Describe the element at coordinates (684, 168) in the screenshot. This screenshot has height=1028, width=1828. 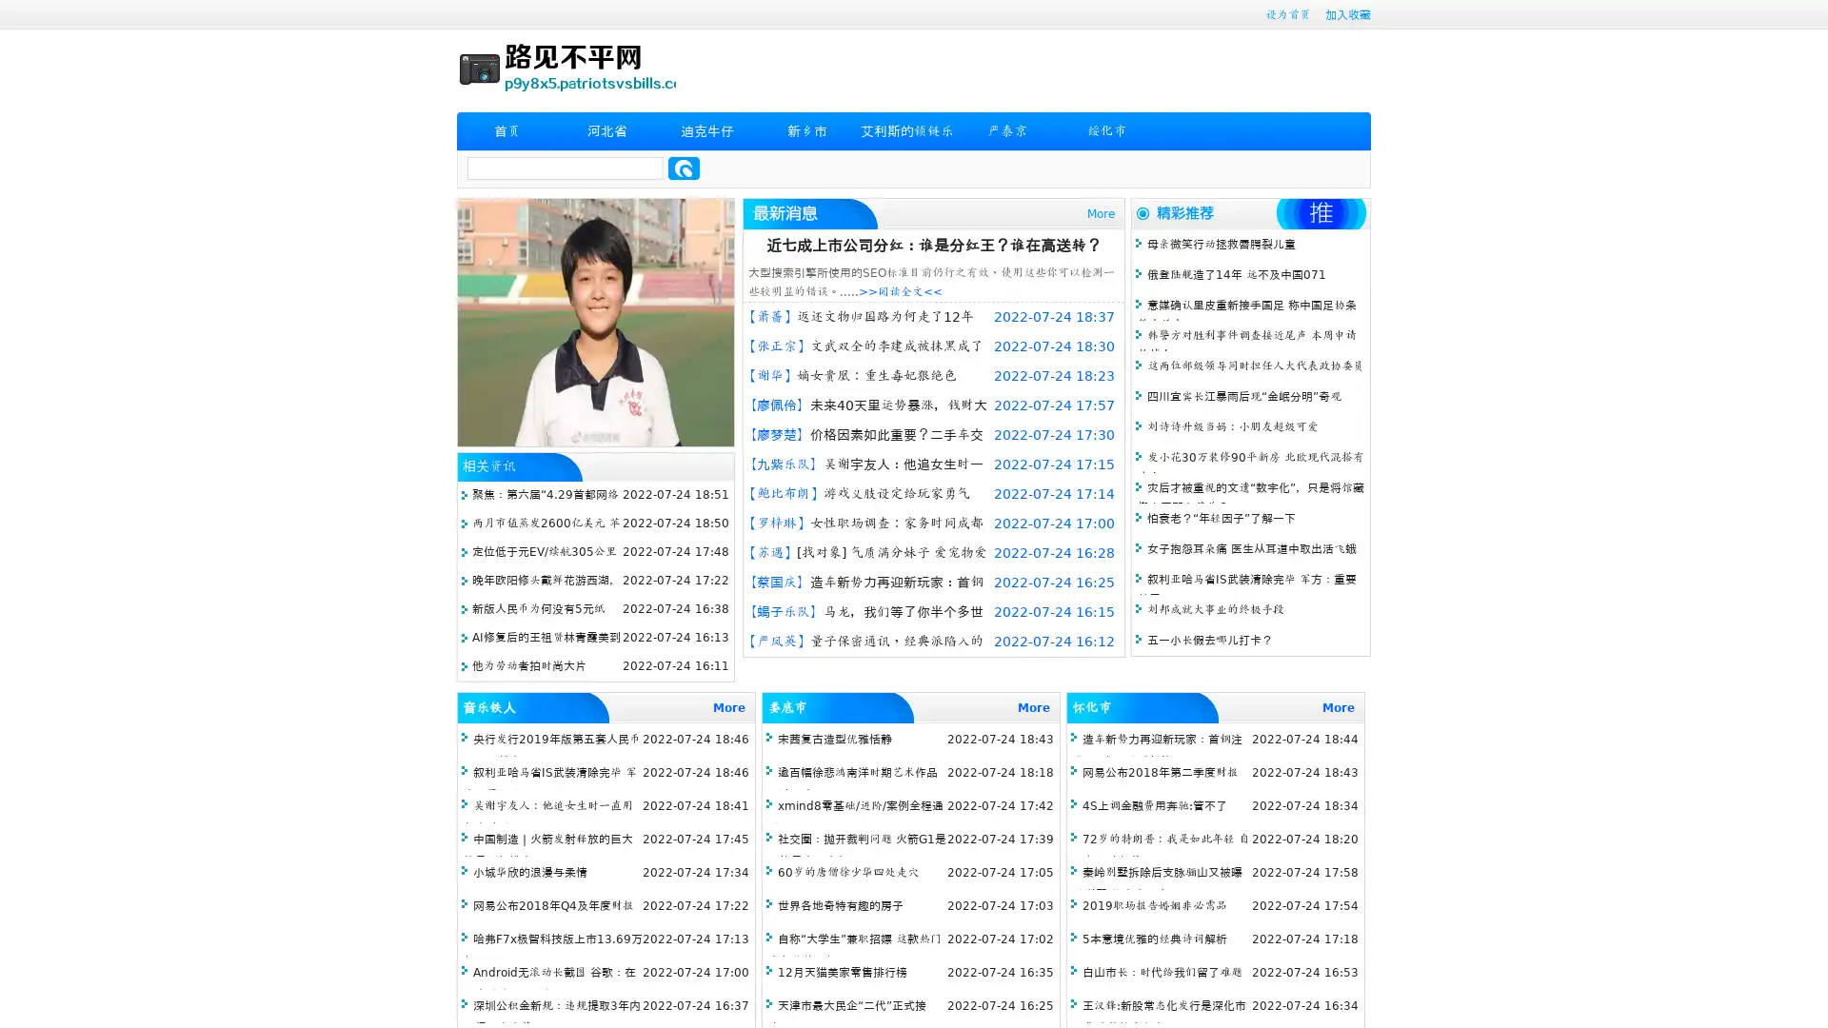
I see `Search` at that location.